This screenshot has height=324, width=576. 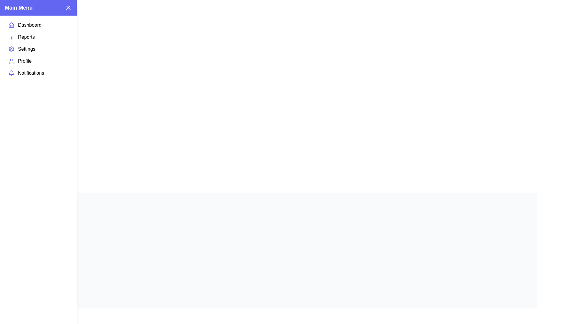 What do you see at coordinates (38, 61) in the screenshot?
I see `the fourth menu item in the sidebar, located between 'Settings' and 'Notifications'` at bounding box center [38, 61].